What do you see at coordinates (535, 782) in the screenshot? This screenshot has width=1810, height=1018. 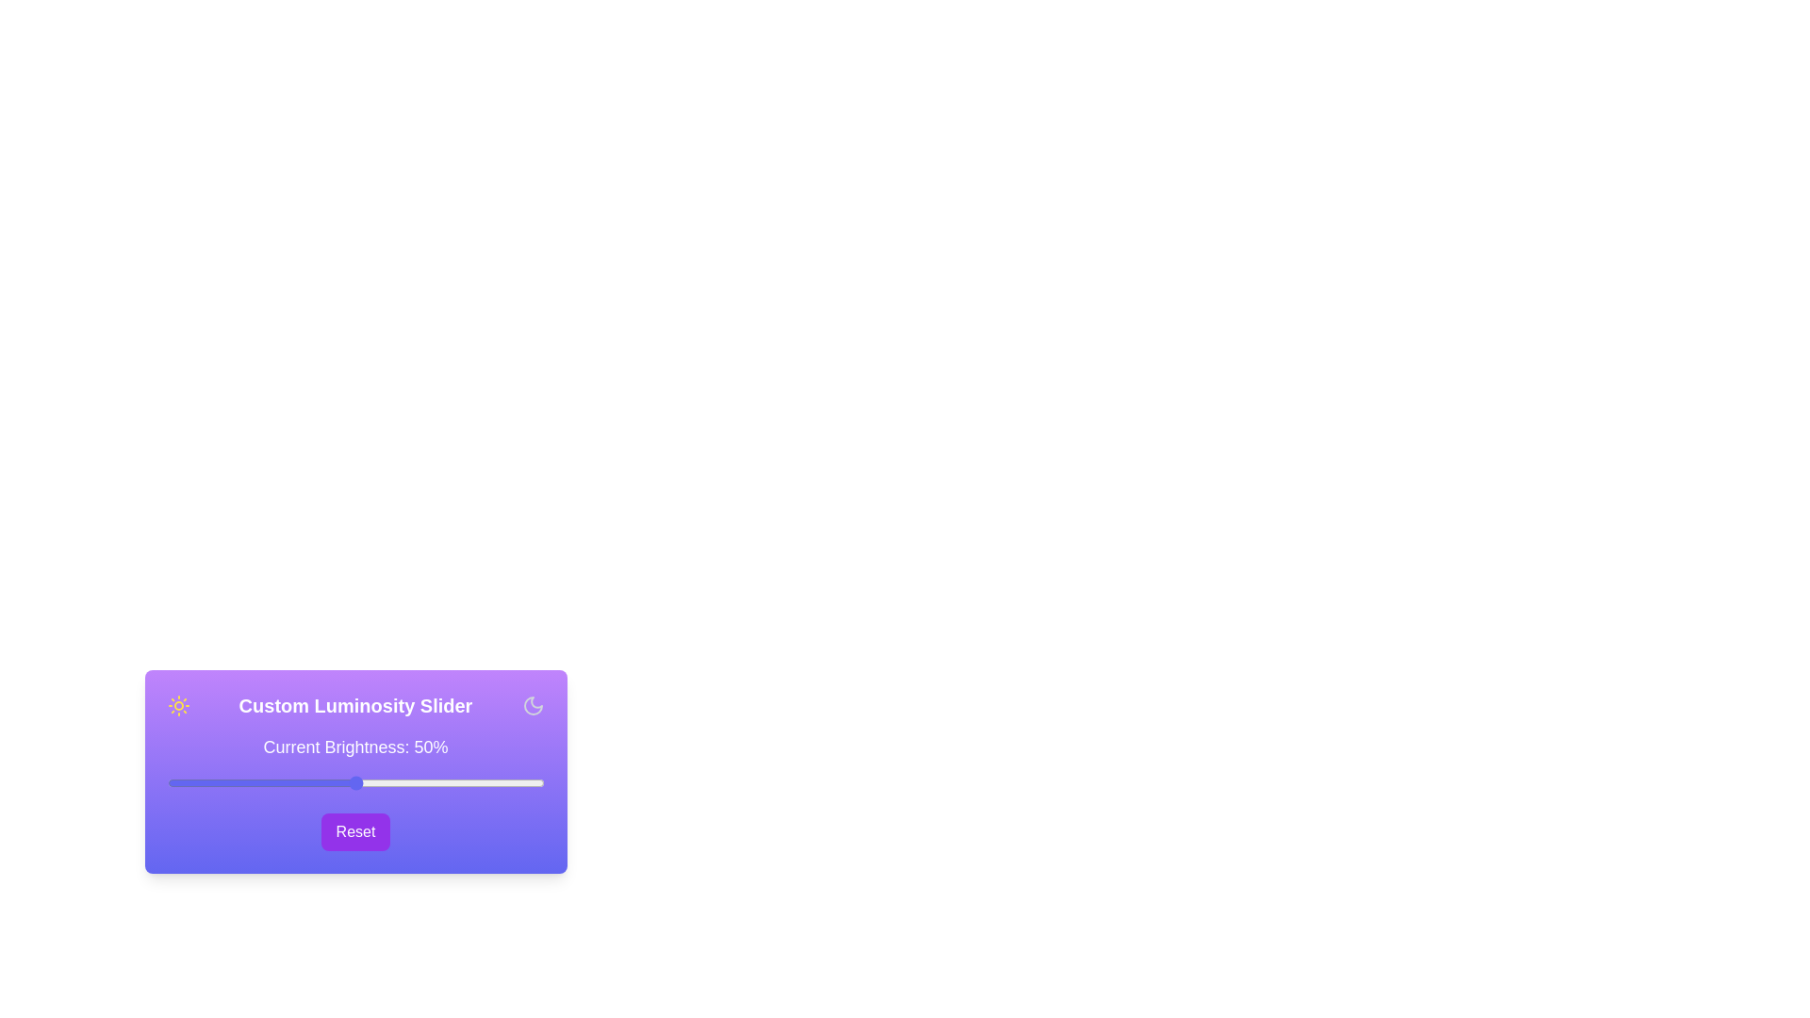 I see `brightness` at bounding box center [535, 782].